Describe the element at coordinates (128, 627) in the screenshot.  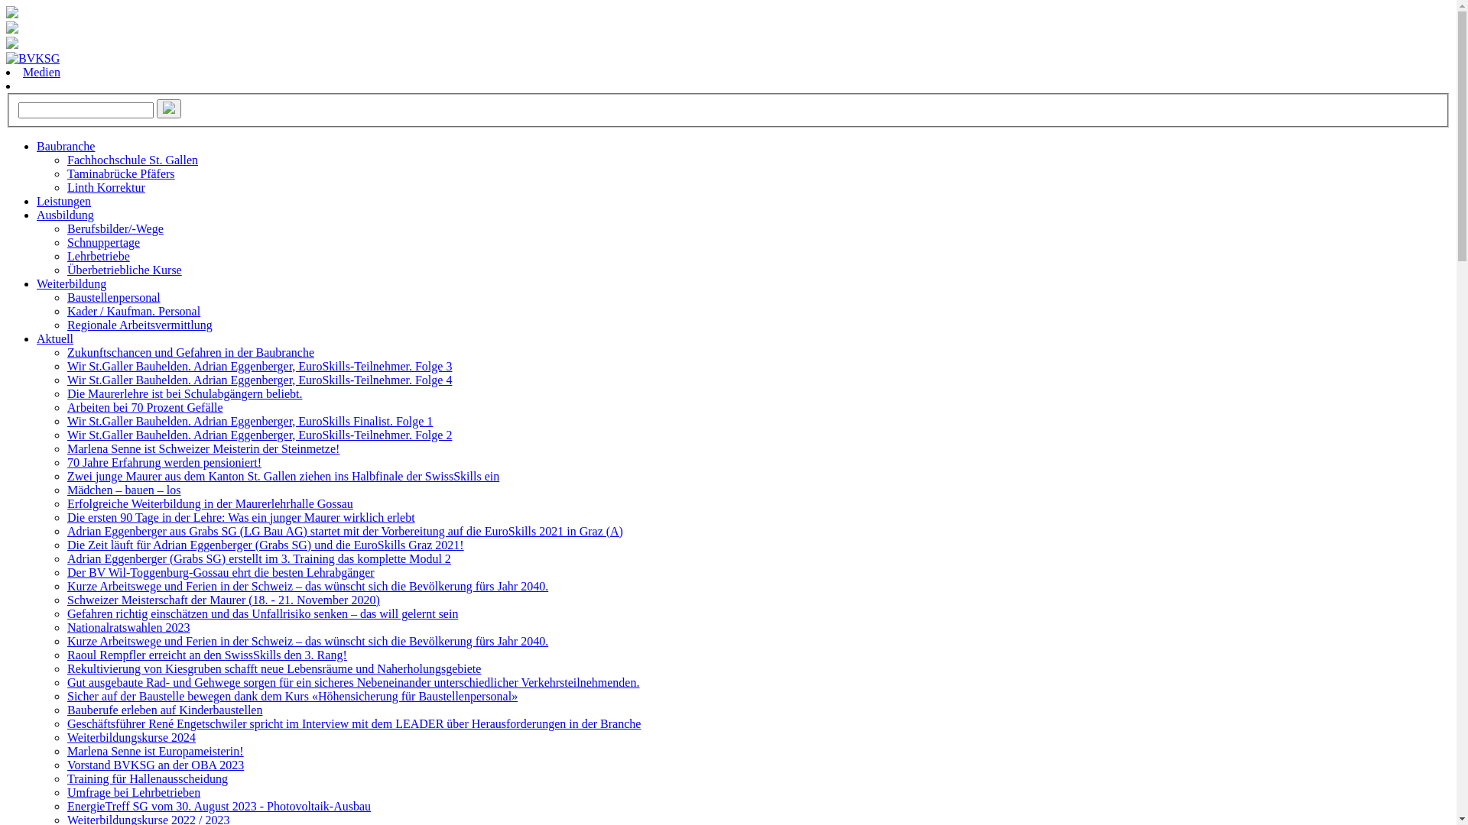
I see `'Nationalratswahlen 2023'` at that location.